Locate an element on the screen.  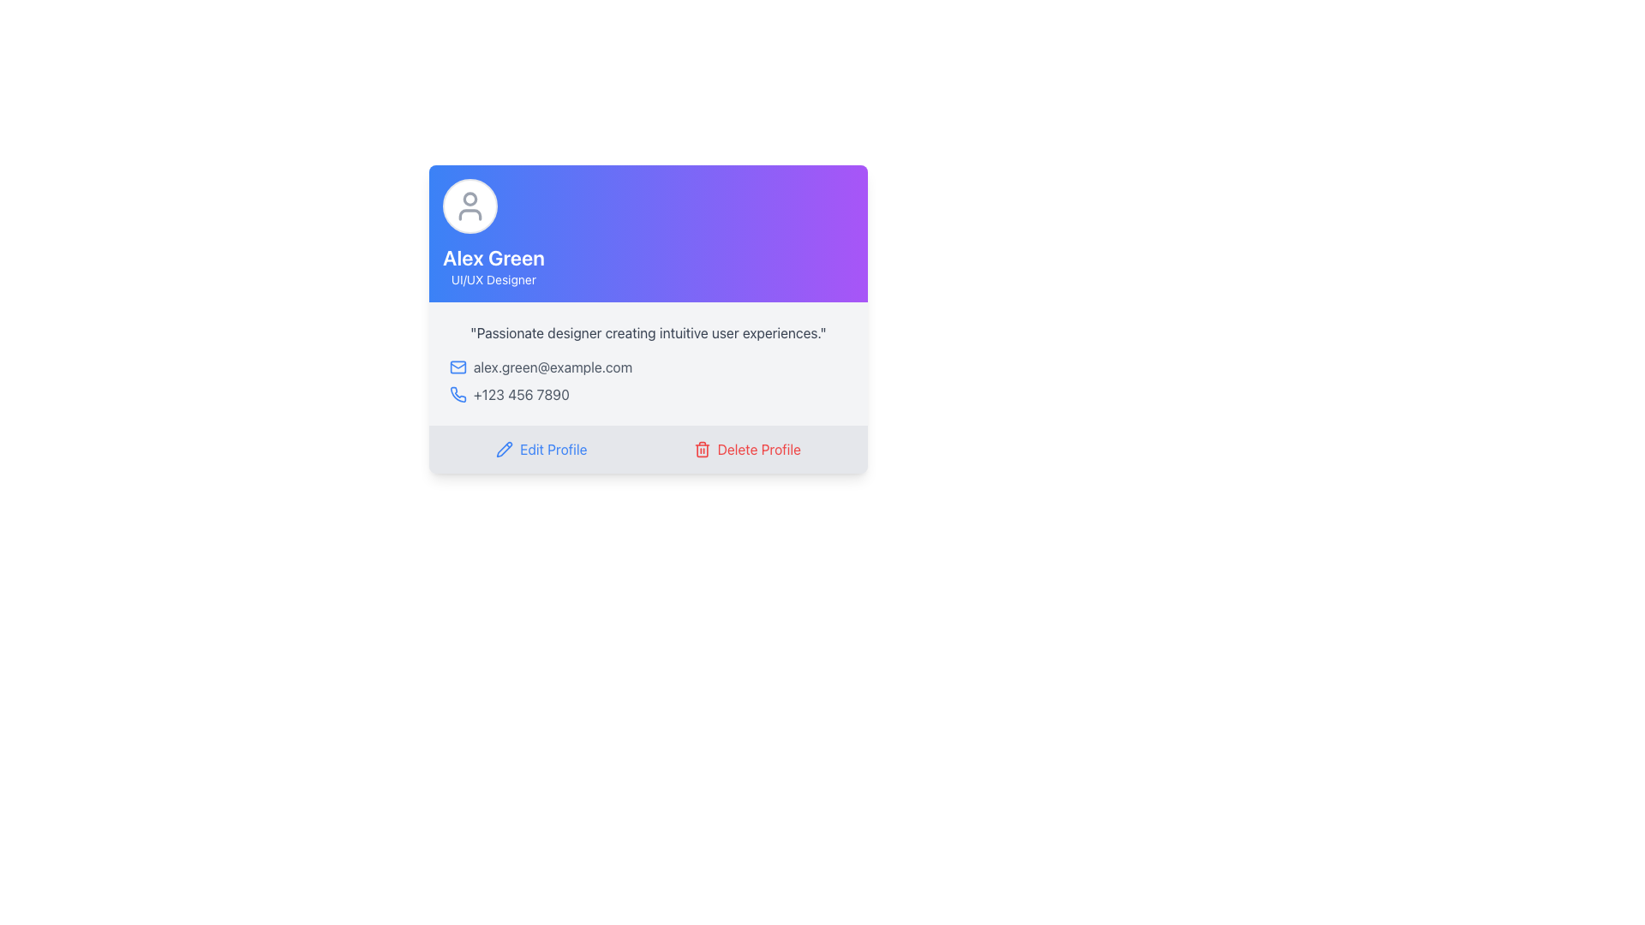
the text 'Alex Green' displayed prominently at the top of the card-like interface, which is styled with white text on a gradient blue-purple background is located at coordinates (493, 257).